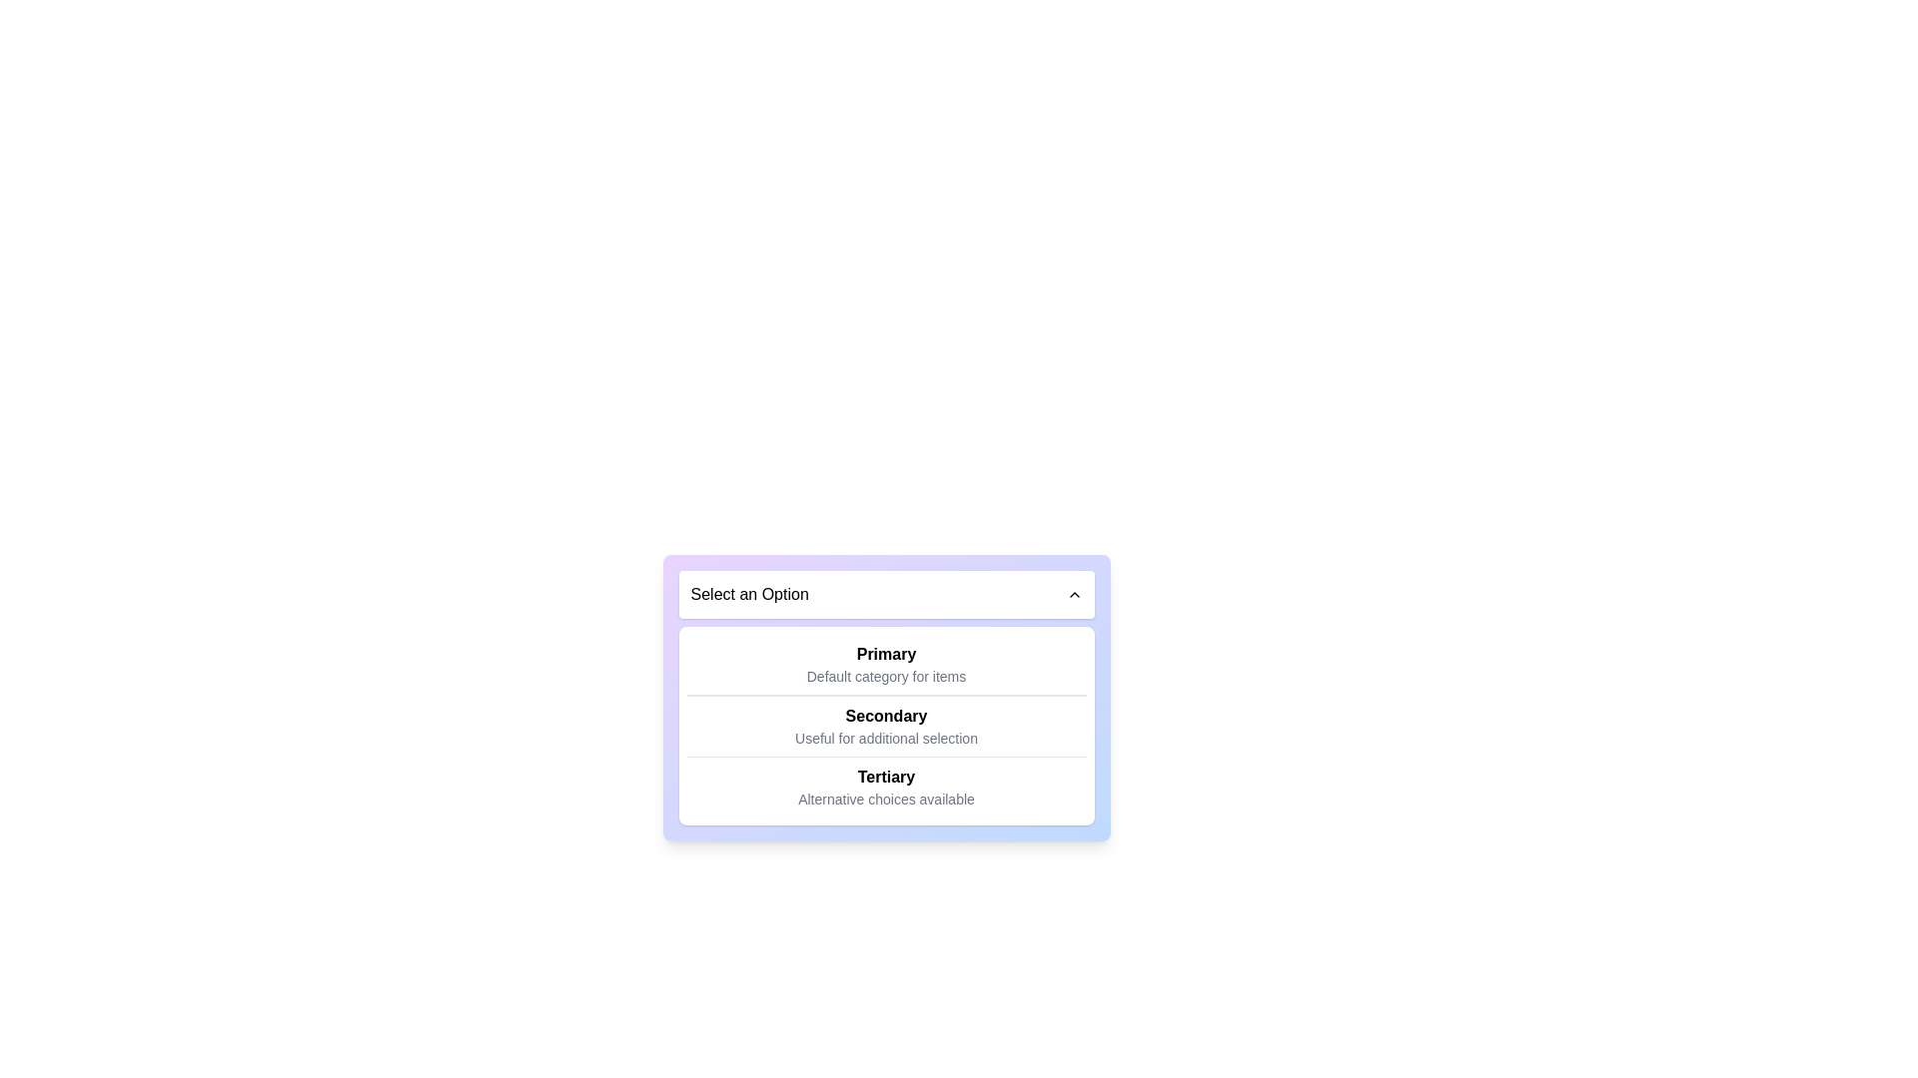  Describe the element at coordinates (885, 727) in the screenshot. I see `the text display component labeled 'Secondary', which is centrally located between 'Primary' and 'Tertiary'` at that location.